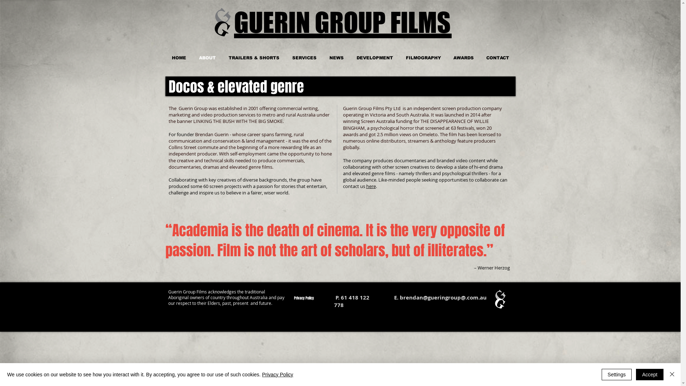 This screenshot has width=686, height=386. What do you see at coordinates (601, 374) in the screenshot?
I see `'Settings'` at bounding box center [601, 374].